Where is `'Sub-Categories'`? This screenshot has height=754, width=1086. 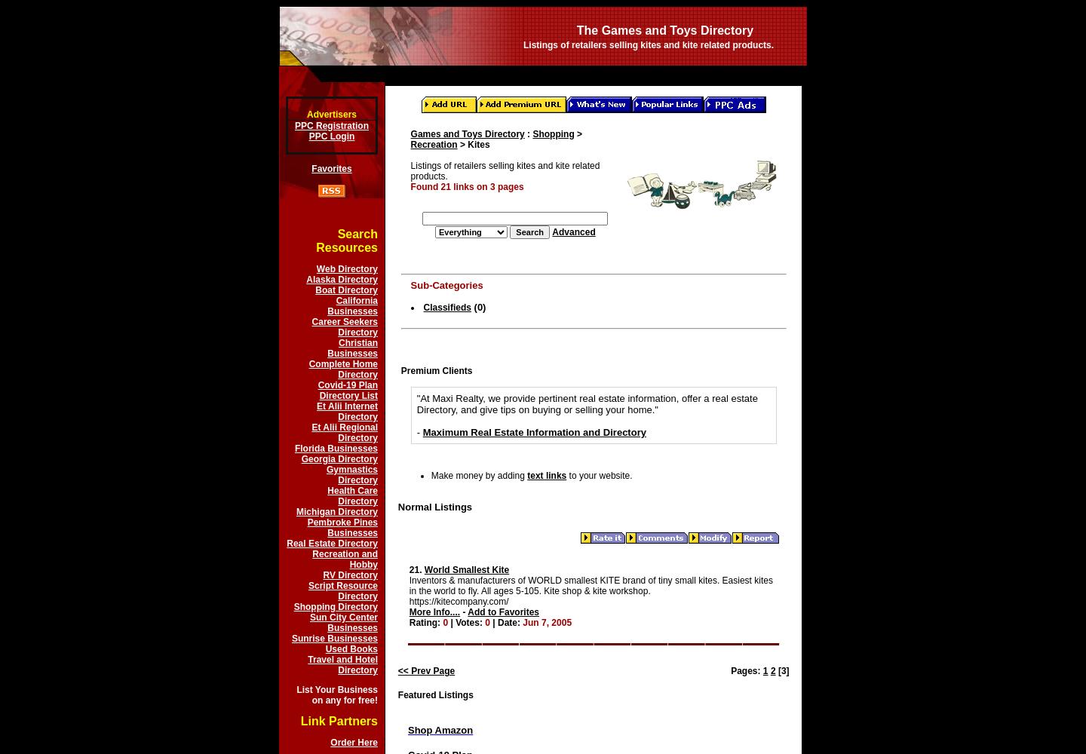 'Sub-Categories' is located at coordinates (446, 285).